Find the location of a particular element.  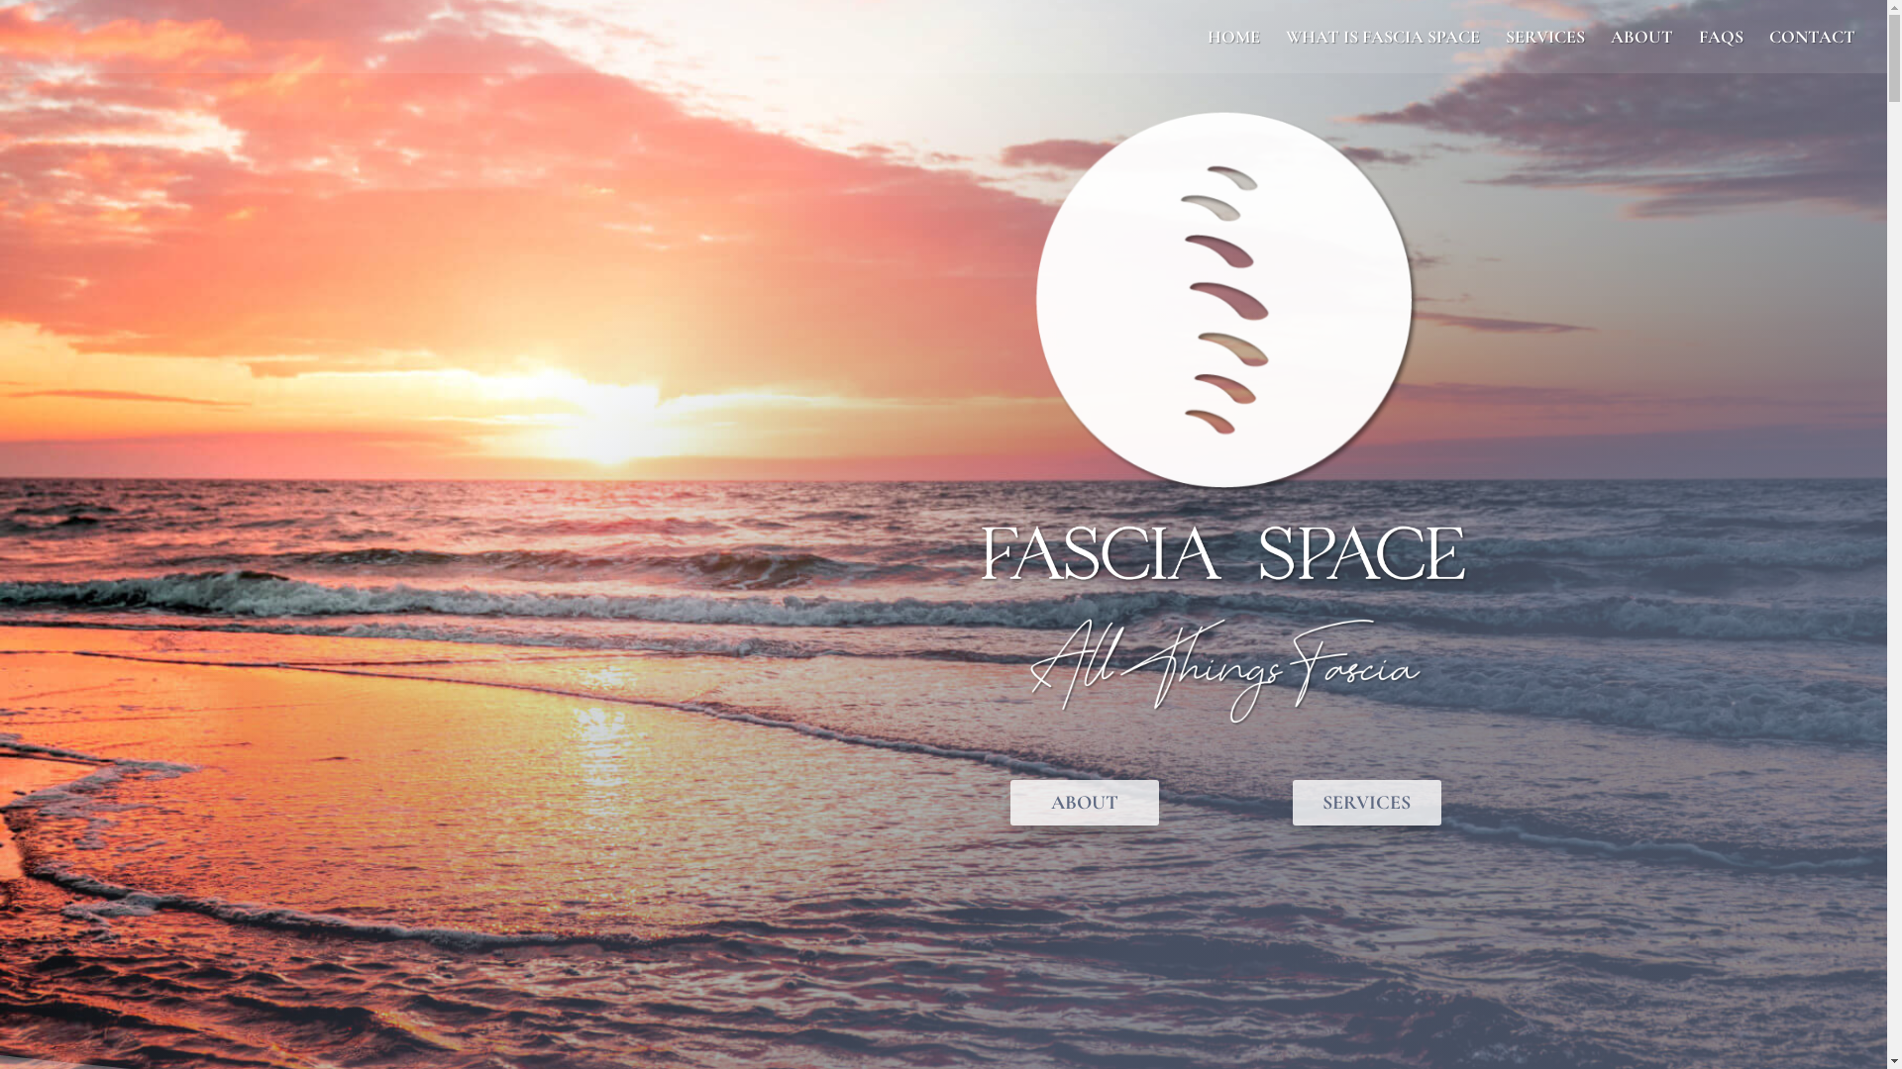

'SERVICES' is located at coordinates (1544, 49).